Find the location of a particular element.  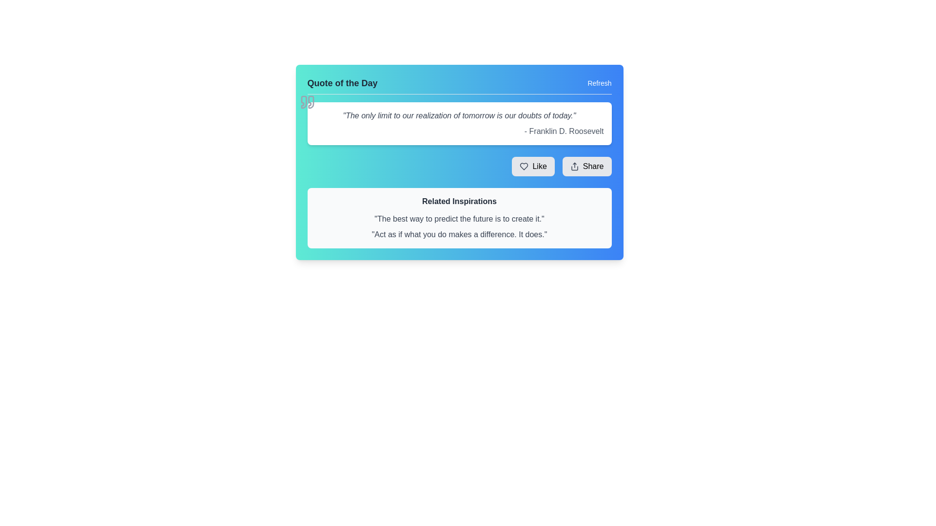

motivational quote text displayed in the center of the quote card, positioned below the quotation mark graphic and above the attribution text '- Franklin D. Roosevelt' is located at coordinates (459, 115).